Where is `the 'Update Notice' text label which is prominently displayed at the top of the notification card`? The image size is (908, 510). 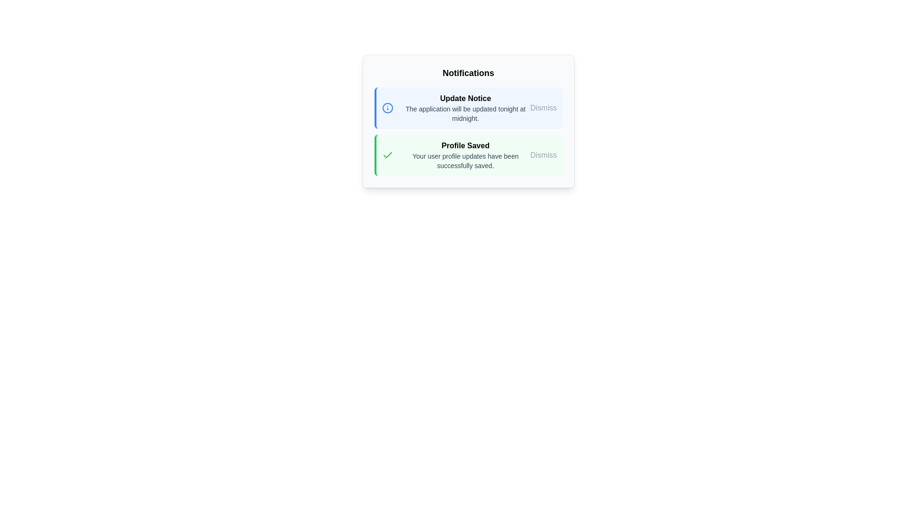 the 'Update Notice' text label which is prominently displayed at the top of the notification card is located at coordinates (465, 98).